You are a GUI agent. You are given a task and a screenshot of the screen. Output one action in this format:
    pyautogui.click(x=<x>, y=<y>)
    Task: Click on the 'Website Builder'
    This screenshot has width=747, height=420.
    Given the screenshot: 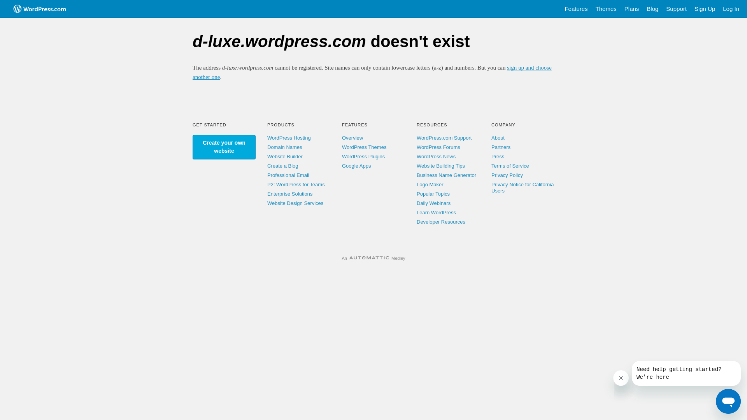 What is the action you would take?
    pyautogui.click(x=284, y=156)
    